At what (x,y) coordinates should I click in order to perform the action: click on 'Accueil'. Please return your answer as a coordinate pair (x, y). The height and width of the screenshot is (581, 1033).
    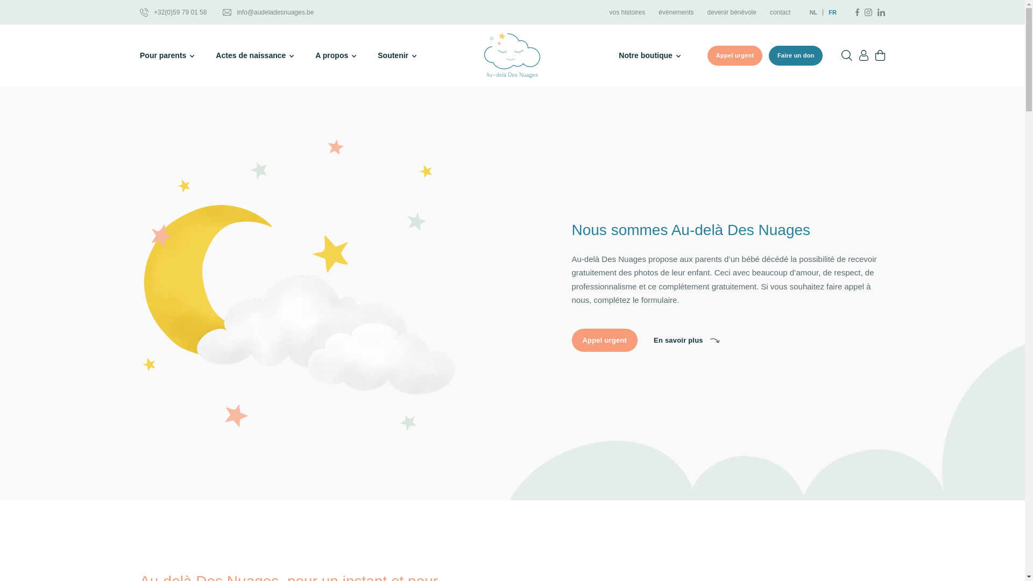
    Looking at the image, I should click on (511, 55).